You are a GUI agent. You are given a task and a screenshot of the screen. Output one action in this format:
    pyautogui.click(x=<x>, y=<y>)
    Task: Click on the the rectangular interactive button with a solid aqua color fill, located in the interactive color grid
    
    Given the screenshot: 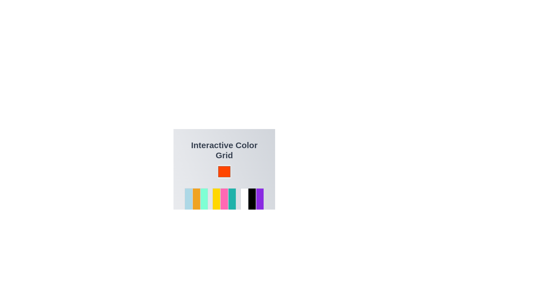 What is the action you would take?
    pyautogui.click(x=232, y=199)
    